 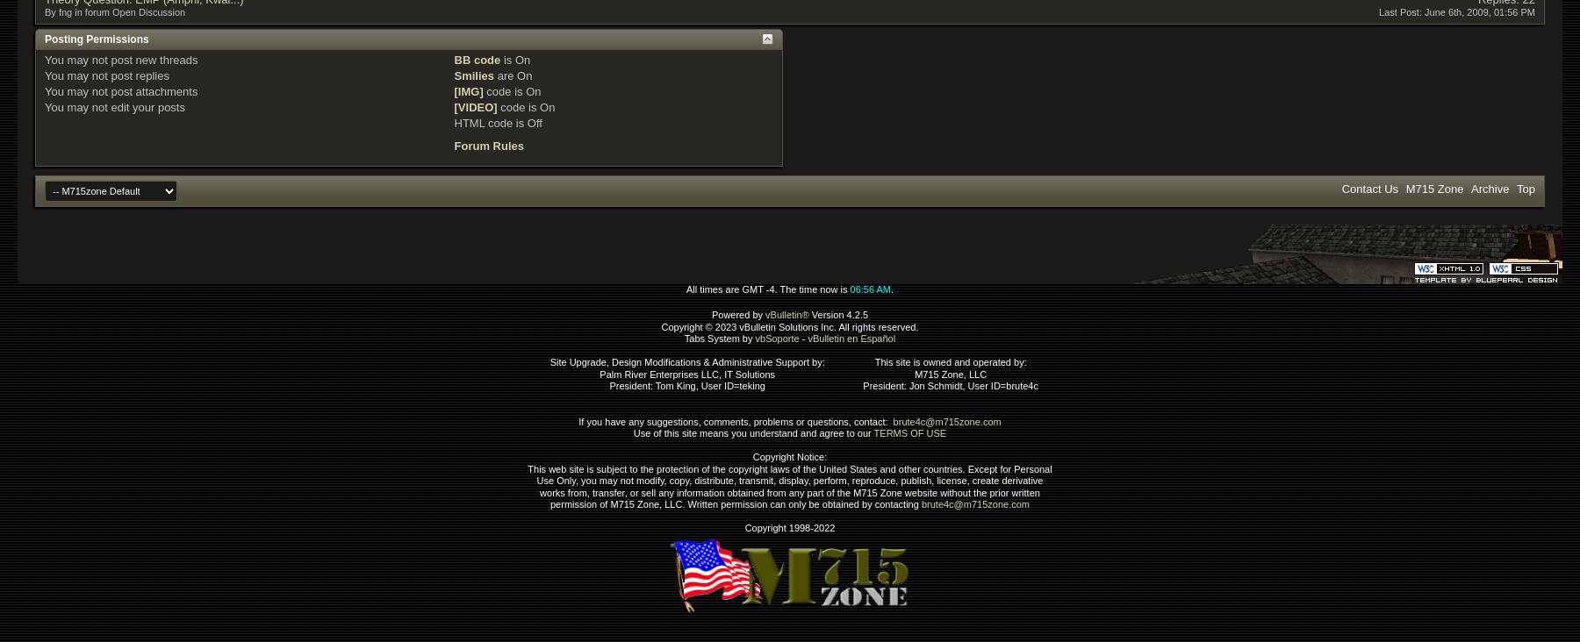 What do you see at coordinates (107, 106) in the screenshot?
I see `'edit your posts'` at bounding box center [107, 106].